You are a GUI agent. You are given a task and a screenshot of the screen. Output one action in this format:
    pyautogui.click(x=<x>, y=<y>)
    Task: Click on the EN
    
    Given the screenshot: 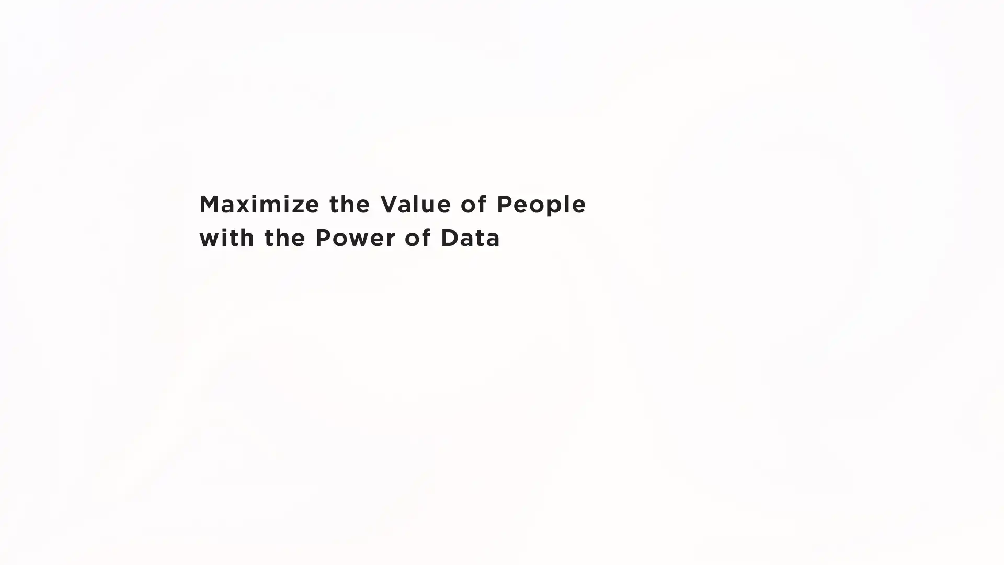 What is the action you would take?
    pyautogui.click(x=823, y=31)
    